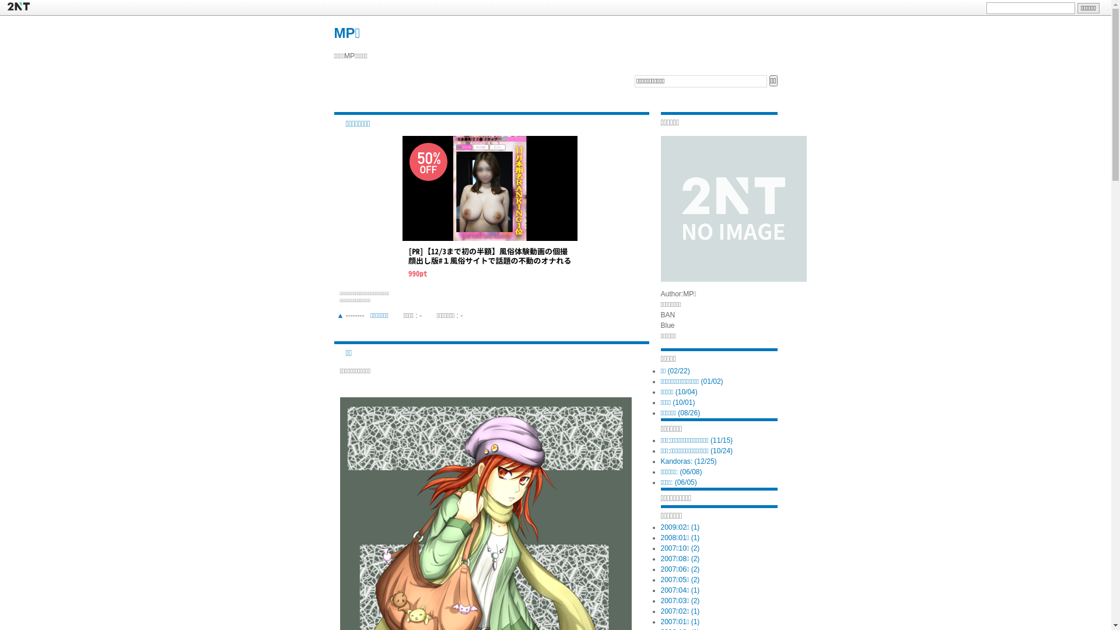 This screenshot has width=1120, height=630. I want to click on 'Kandoras: (12/25)', so click(688, 460).